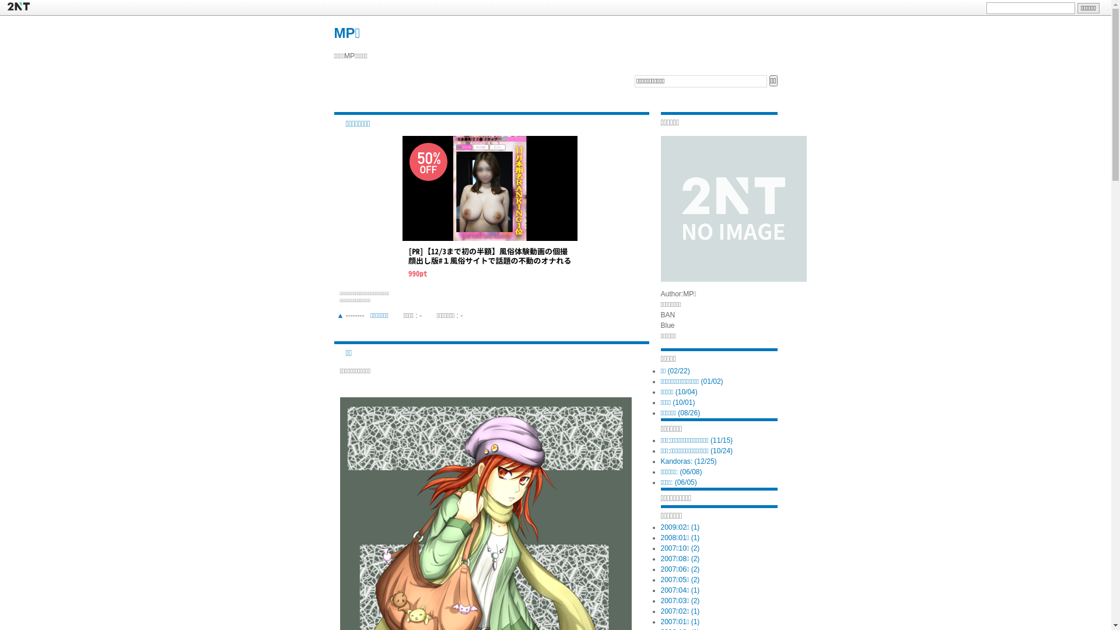 This screenshot has width=1120, height=630. I want to click on 'Kandoras: (12/25)', so click(688, 460).